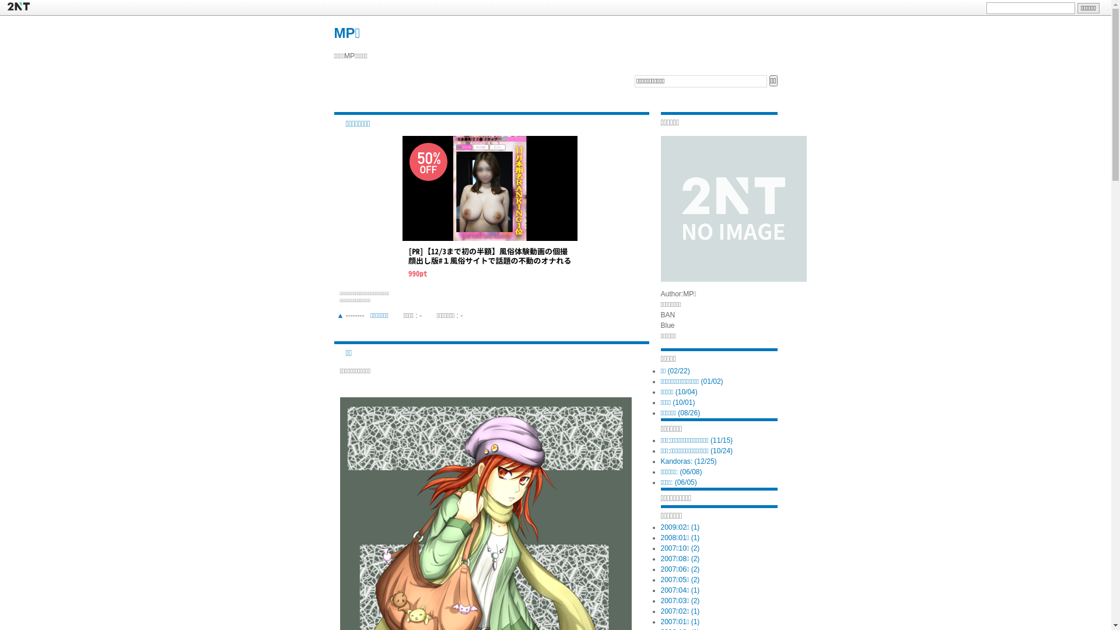 This screenshot has width=1120, height=630. I want to click on 'Kandoras: (12/25)', so click(688, 460).